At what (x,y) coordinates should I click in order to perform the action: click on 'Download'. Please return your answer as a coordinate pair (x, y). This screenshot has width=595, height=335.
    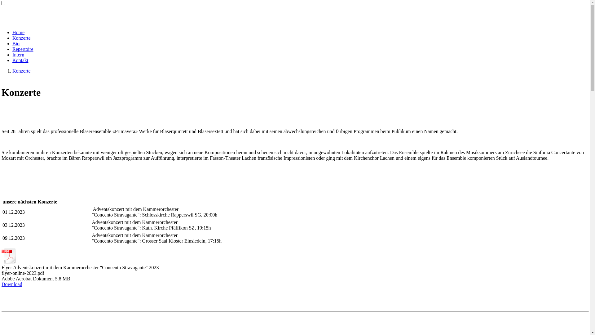
    Looking at the image, I should click on (12, 284).